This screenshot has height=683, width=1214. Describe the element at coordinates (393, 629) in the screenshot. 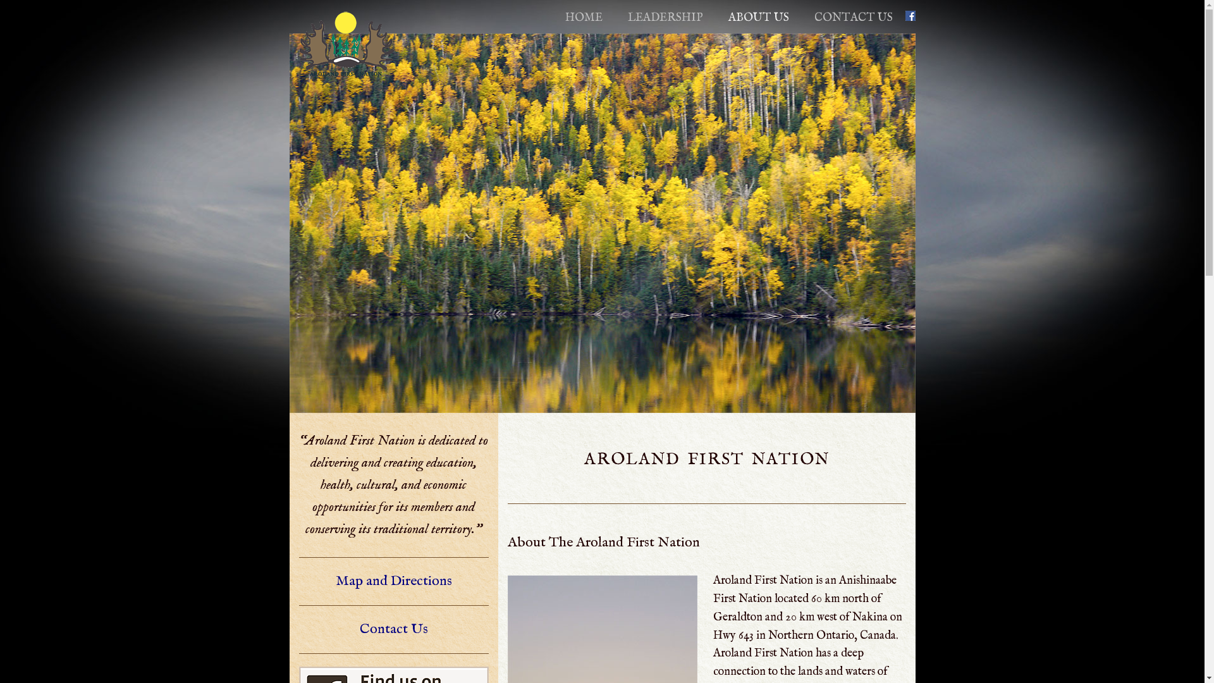

I see `'Contact Us'` at that location.